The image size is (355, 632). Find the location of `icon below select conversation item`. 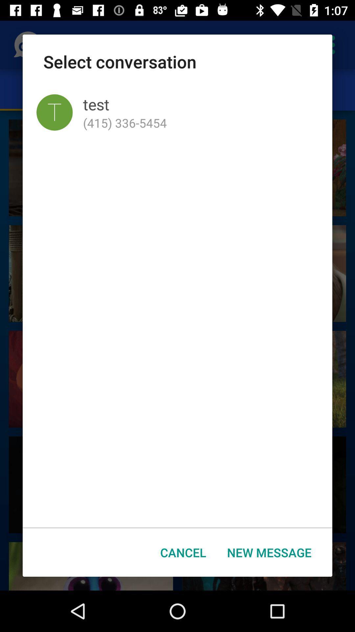

icon below select conversation item is located at coordinates (54, 112).